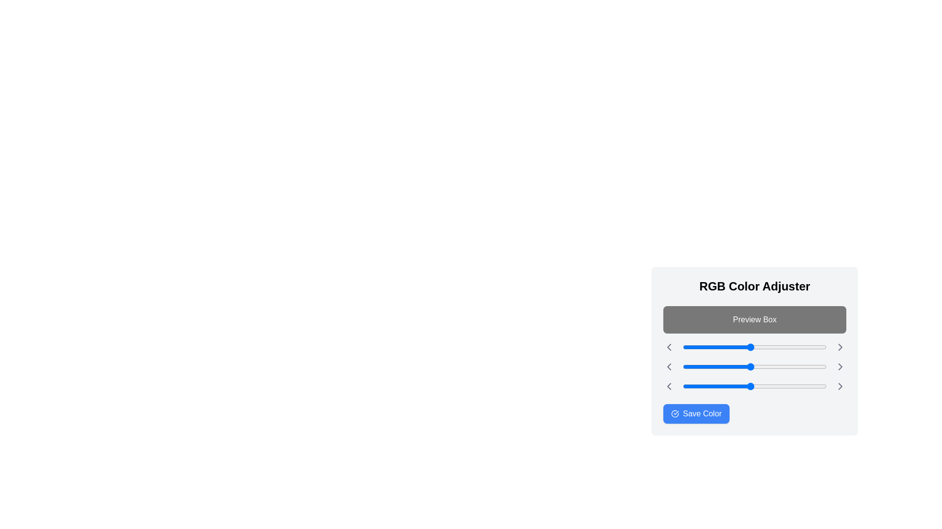 This screenshot has width=942, height=529. I want to click on the red color slider to 202 (0-255), so click(797, 347).